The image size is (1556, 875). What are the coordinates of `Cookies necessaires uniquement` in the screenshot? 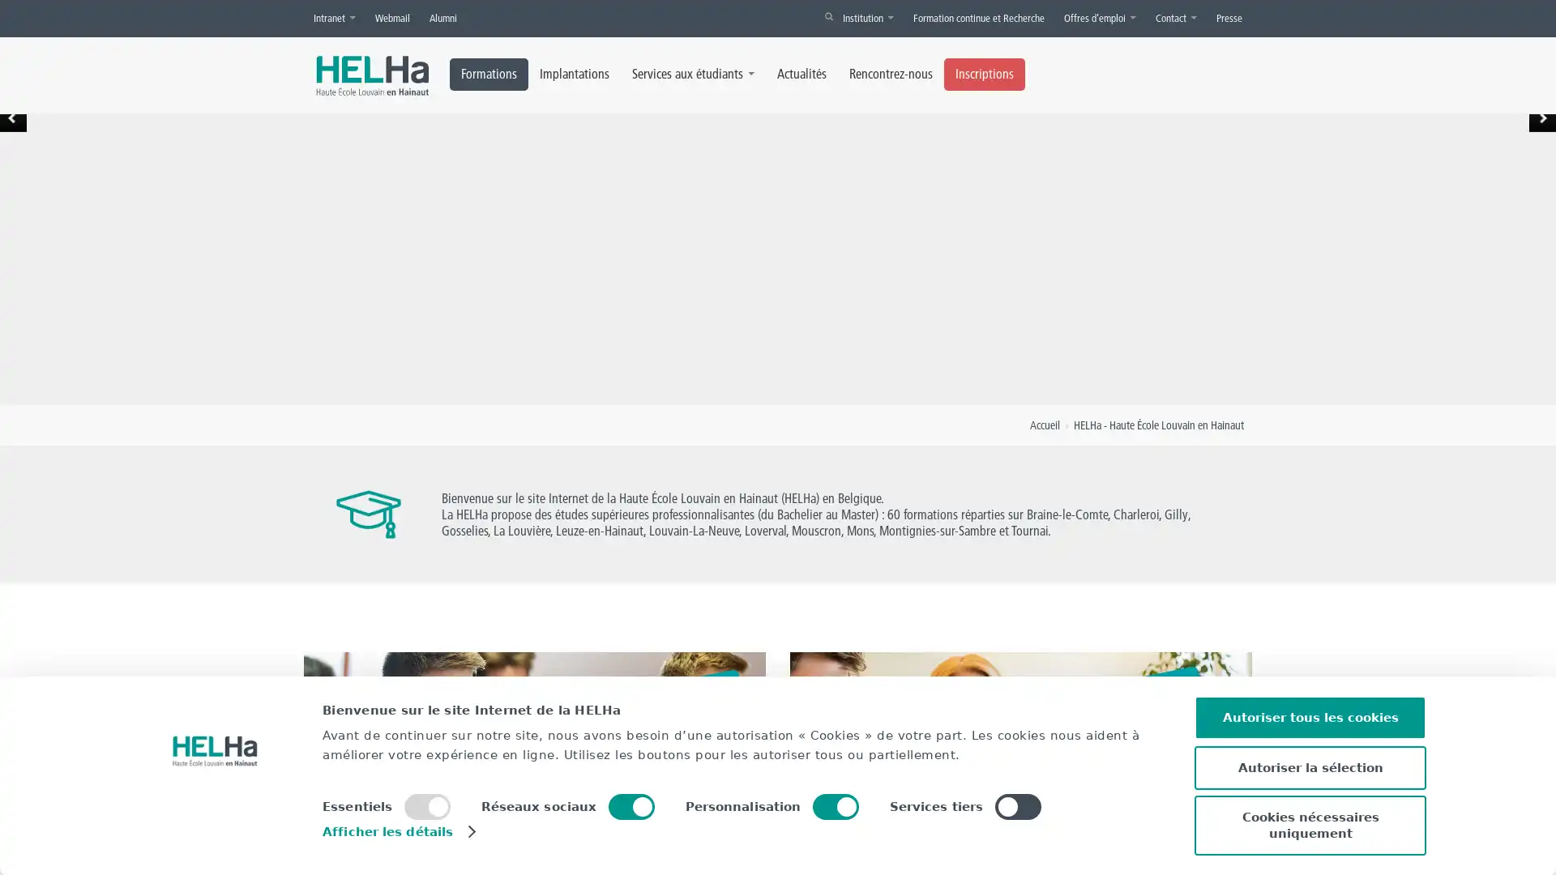 It's located at (1310, 825).